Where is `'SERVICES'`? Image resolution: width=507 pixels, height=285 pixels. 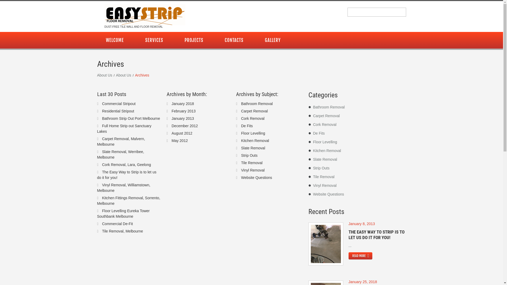 'SERVICES' is located at coordinates (153, 40).